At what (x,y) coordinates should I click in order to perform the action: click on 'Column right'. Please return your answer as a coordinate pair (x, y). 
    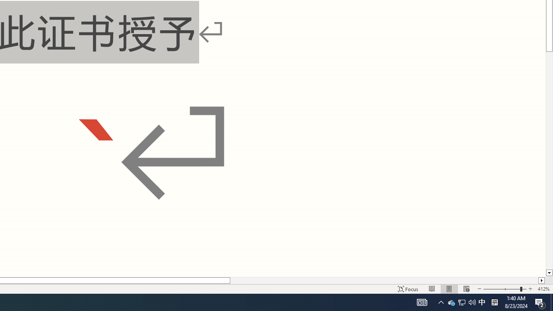
    Looking at the image, I should click on (541, 280).